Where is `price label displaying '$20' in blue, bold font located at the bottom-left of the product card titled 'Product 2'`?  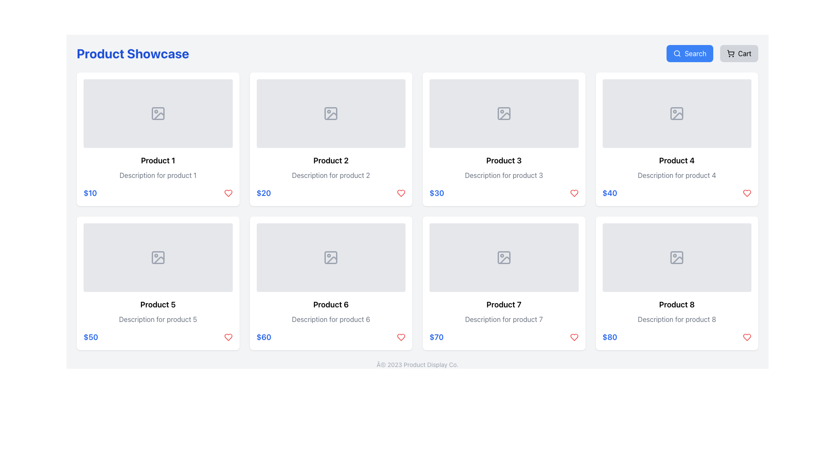 price label displaying '$20' in blue, bold font located at the bottom-left of the product card titled 'Product 2' is located at coordinates (263, 193).